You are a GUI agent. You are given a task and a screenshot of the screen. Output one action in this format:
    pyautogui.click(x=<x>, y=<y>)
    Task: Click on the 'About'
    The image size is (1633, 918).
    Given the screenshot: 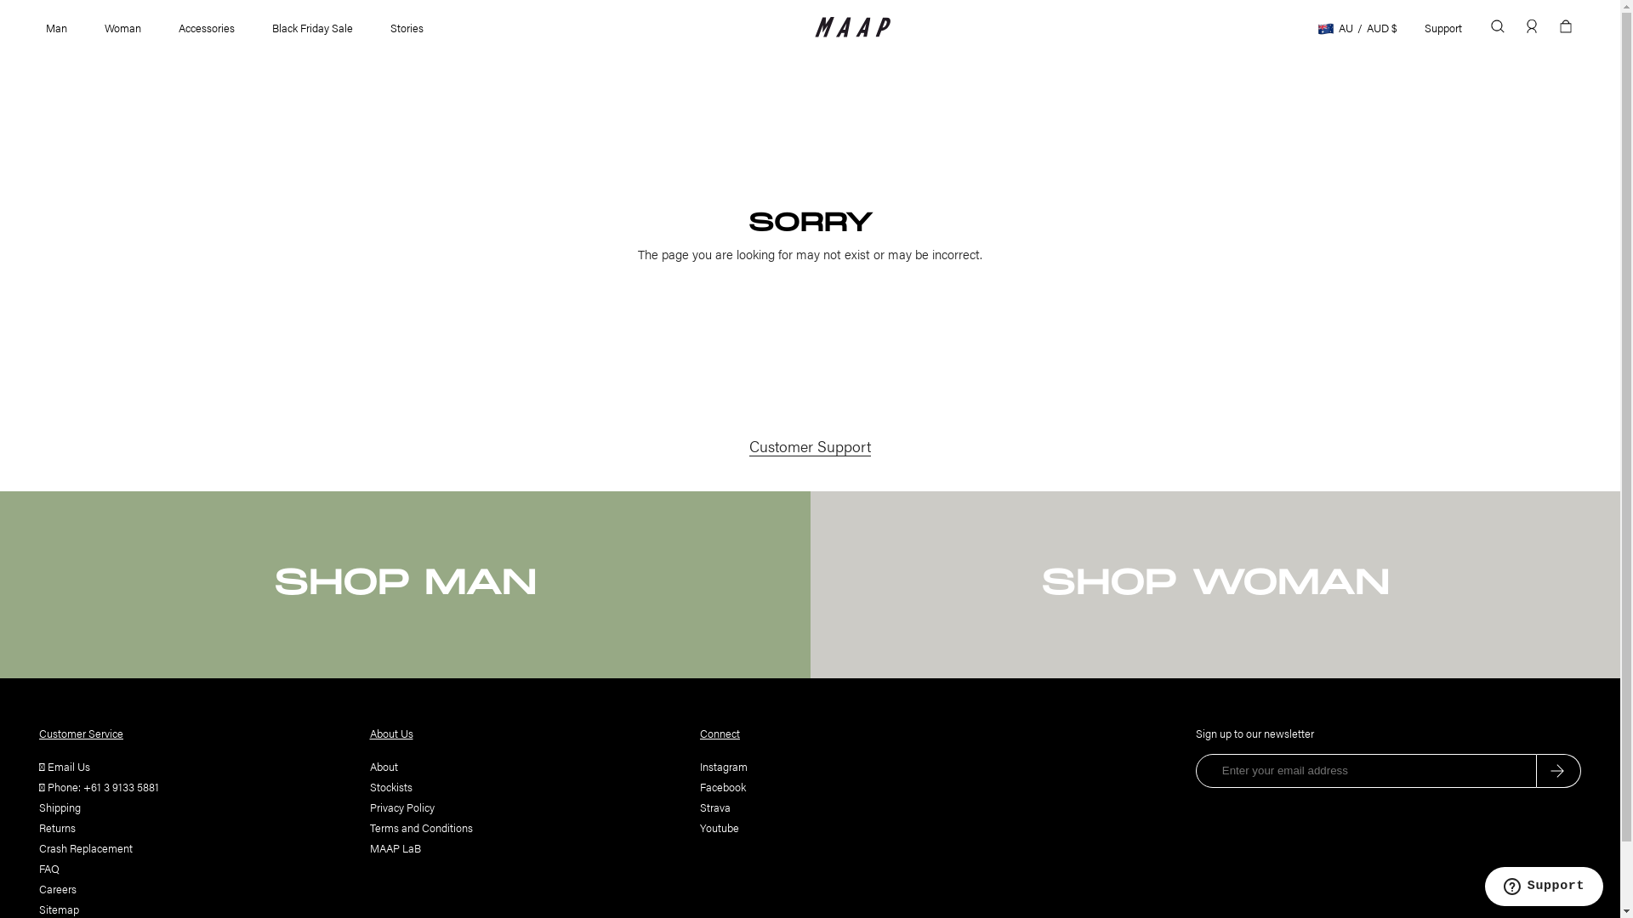 What is the action you would take?
    pyautogui.click(x=382, y=766)
    